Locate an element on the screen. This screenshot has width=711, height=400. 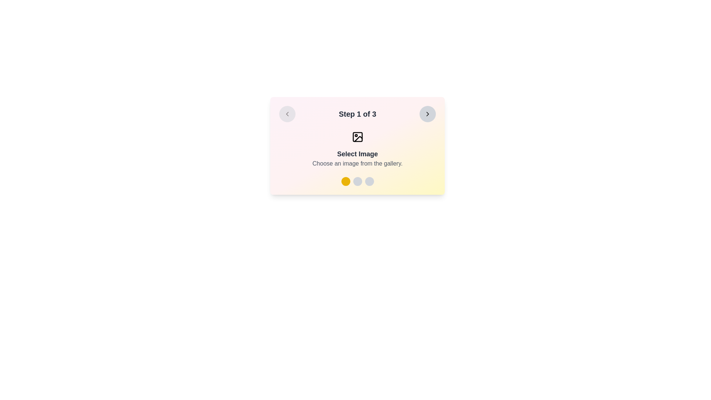
the third circular icon with a gray background located at the bottom-center of the card, following a yellow icon and a gray icon is located at coordinates (369, 181).